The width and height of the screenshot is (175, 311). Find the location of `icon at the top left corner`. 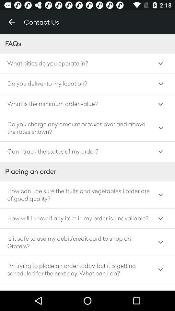

icon at the top left corner is located at coordinates (12, 22).